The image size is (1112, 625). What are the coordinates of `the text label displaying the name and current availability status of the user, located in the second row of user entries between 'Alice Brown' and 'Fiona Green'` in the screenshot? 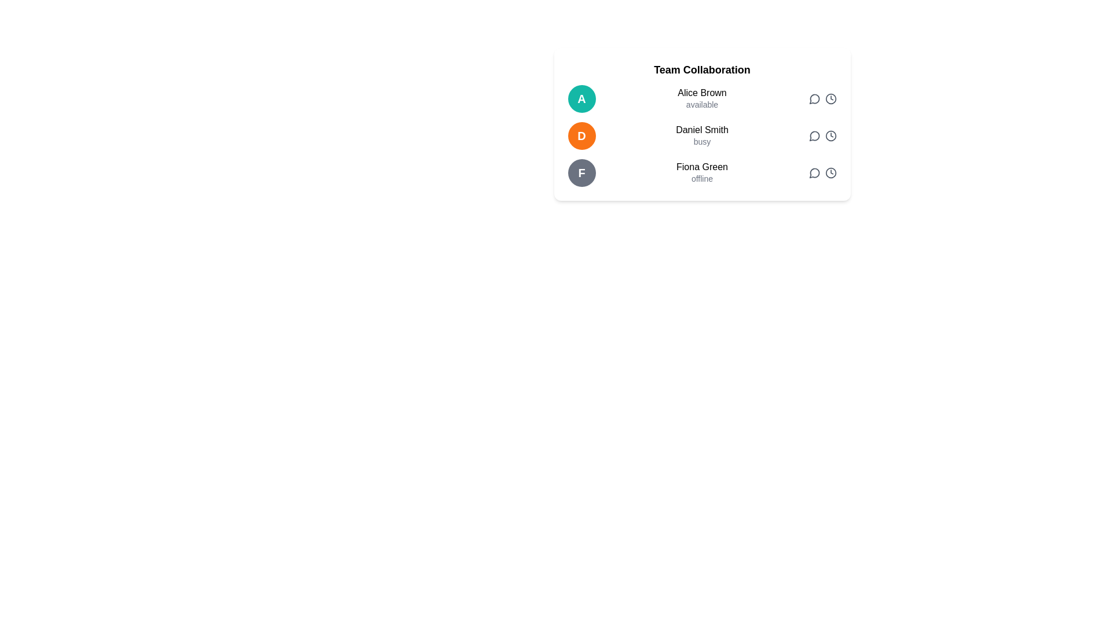 It's located at (701, 135).